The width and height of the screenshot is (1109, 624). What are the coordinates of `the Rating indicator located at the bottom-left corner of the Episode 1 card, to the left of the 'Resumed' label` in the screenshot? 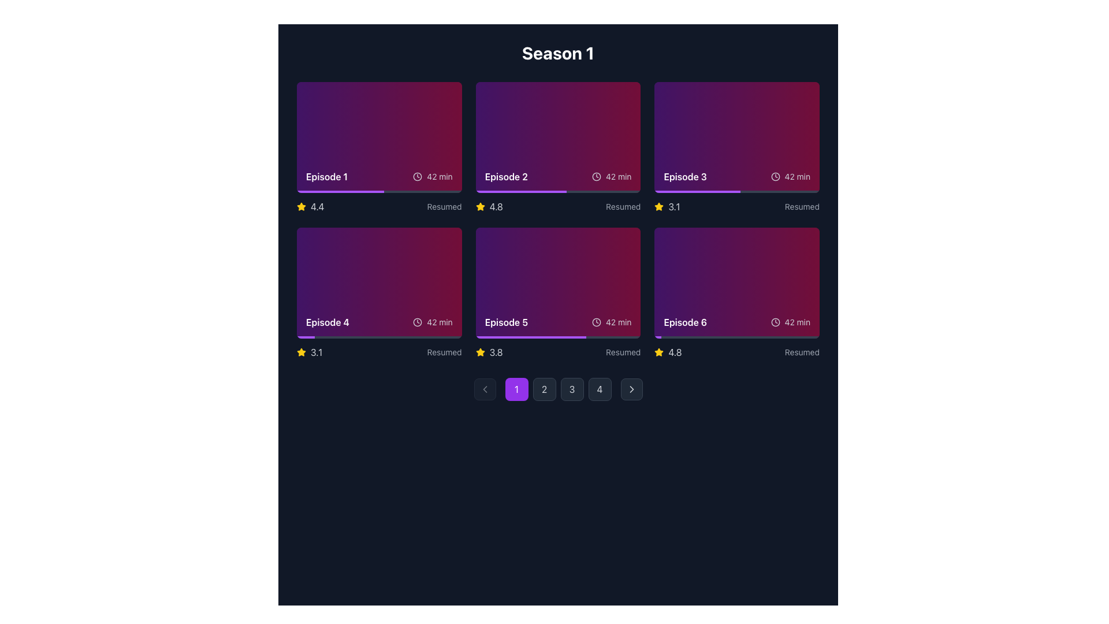 It's located at (310, 206).